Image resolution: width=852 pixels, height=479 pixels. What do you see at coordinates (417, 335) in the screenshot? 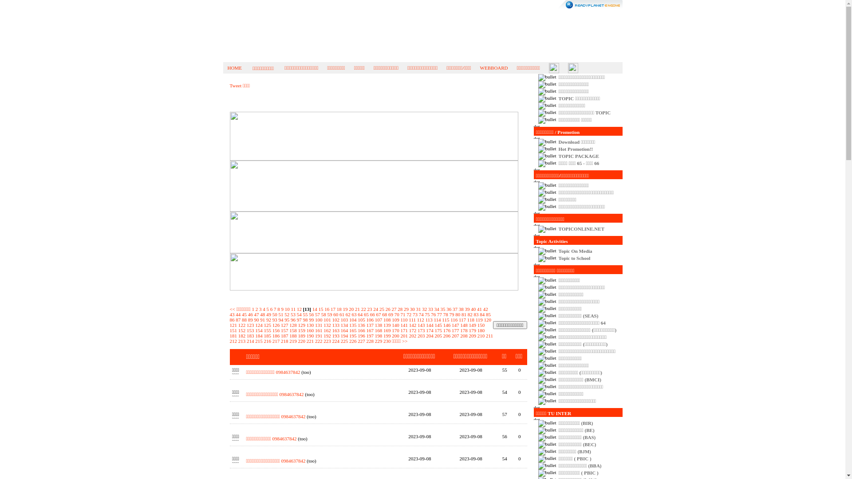
I see `'203'` at bounding box center [417, 335].